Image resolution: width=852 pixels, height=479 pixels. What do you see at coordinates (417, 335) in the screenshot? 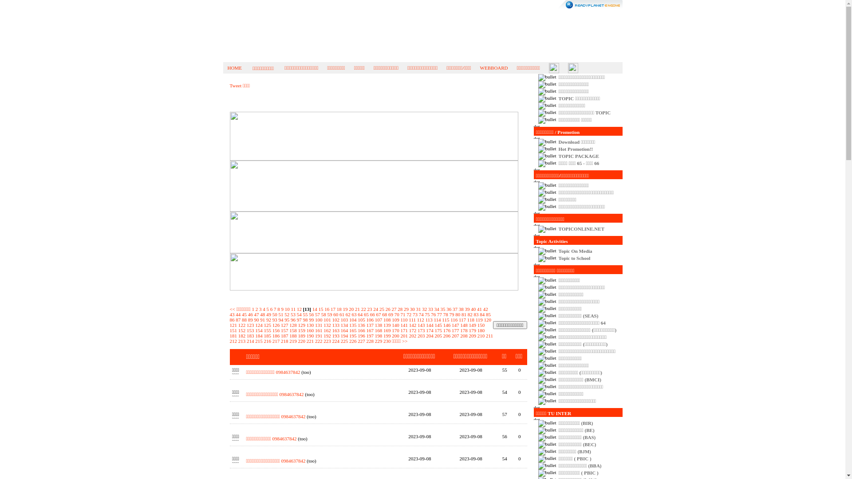
I see `'203'` at bounding box center [417, 335].